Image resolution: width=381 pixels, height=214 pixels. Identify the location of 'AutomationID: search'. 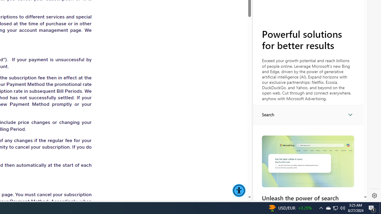
(308, 114).